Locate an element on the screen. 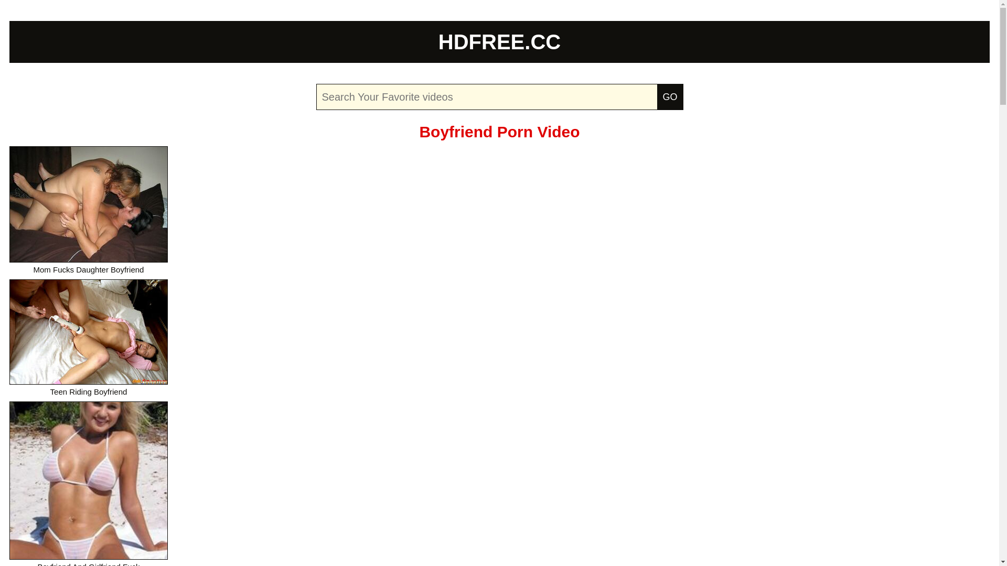 Image resolution: width=1007 pixels, height=566 pixels. 'HDFREE.CC' is located at coordinates (499, 41).